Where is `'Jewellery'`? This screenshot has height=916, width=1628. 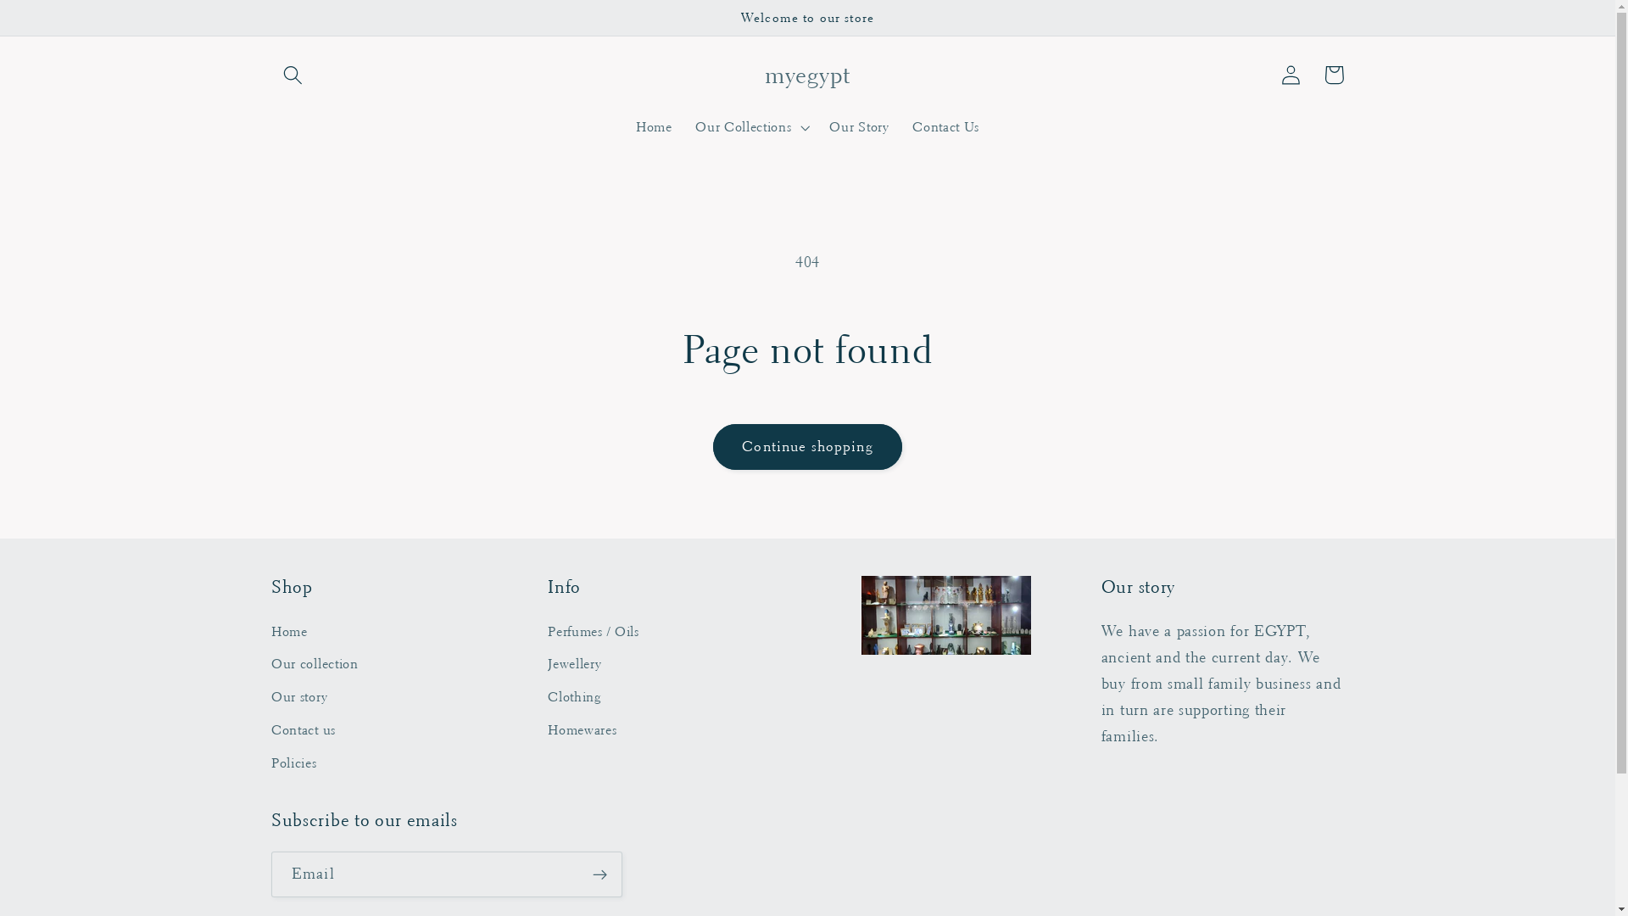
'Jewellery' is located at coordinates (574, 664).